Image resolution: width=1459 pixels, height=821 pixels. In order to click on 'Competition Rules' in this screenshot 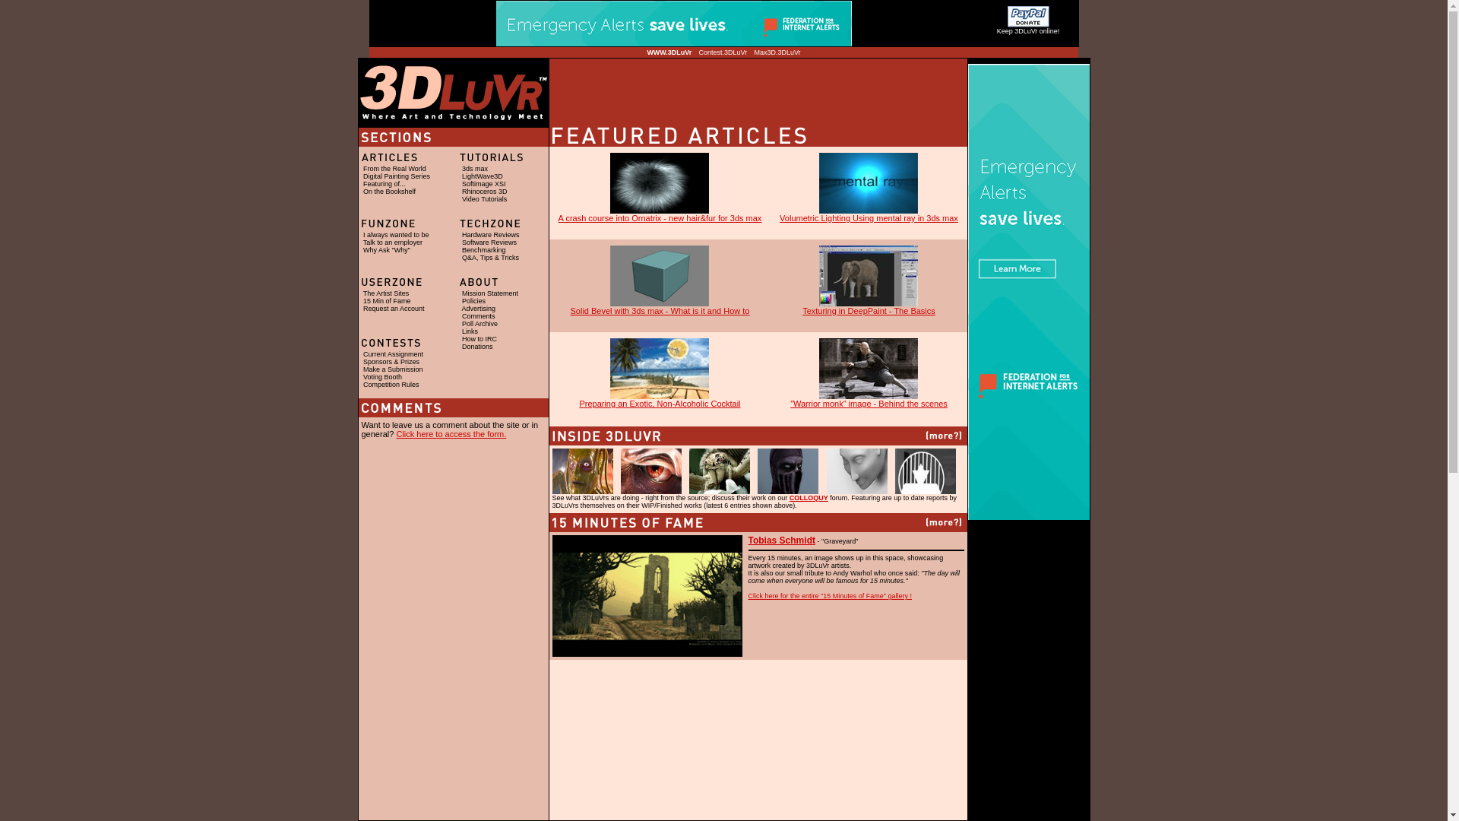, I will do `click(391, 383)`.